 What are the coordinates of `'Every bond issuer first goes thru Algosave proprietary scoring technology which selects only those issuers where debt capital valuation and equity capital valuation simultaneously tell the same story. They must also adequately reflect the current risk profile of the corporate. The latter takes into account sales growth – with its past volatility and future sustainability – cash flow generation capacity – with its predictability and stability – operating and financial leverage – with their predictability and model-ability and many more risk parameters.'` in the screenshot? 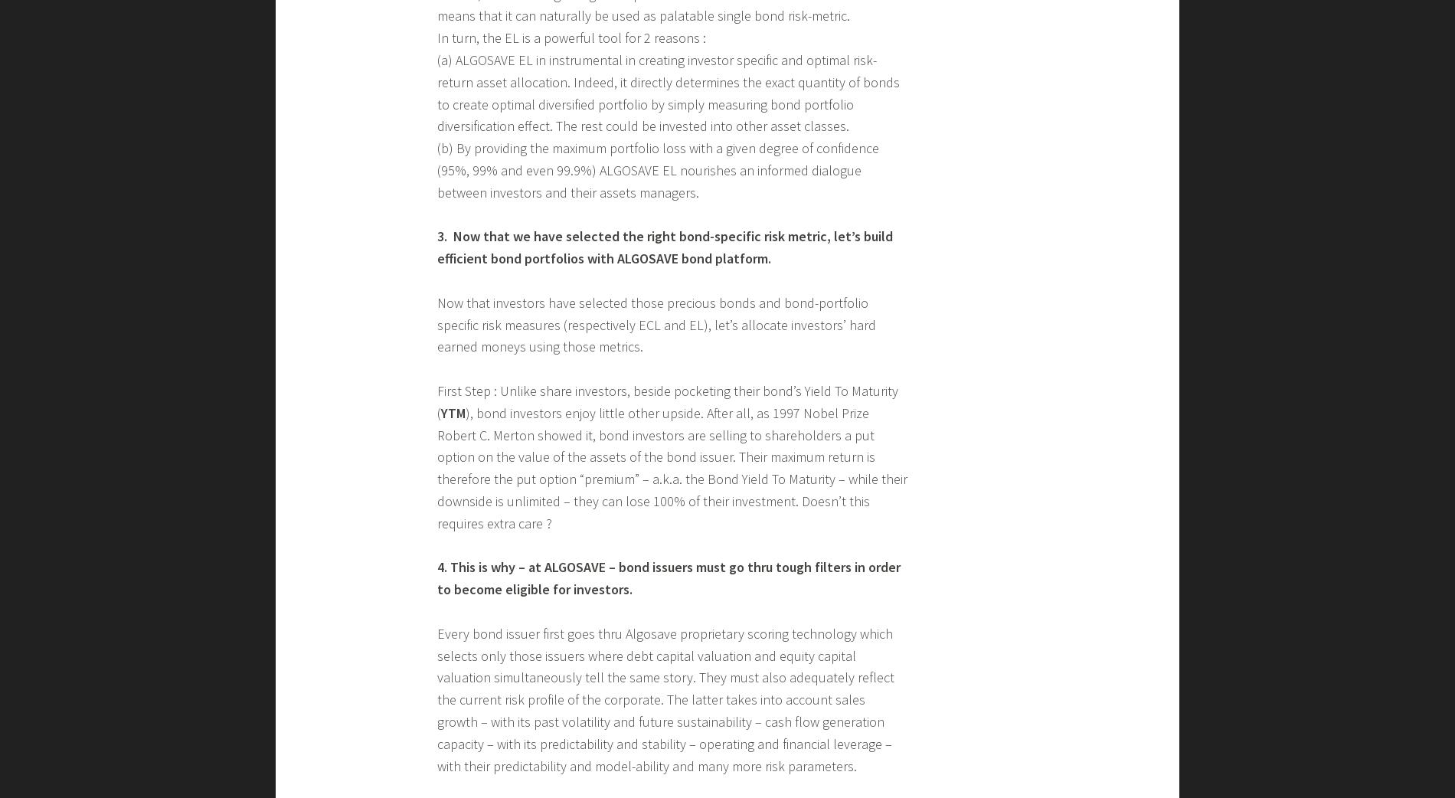 It's located at (665, 698).